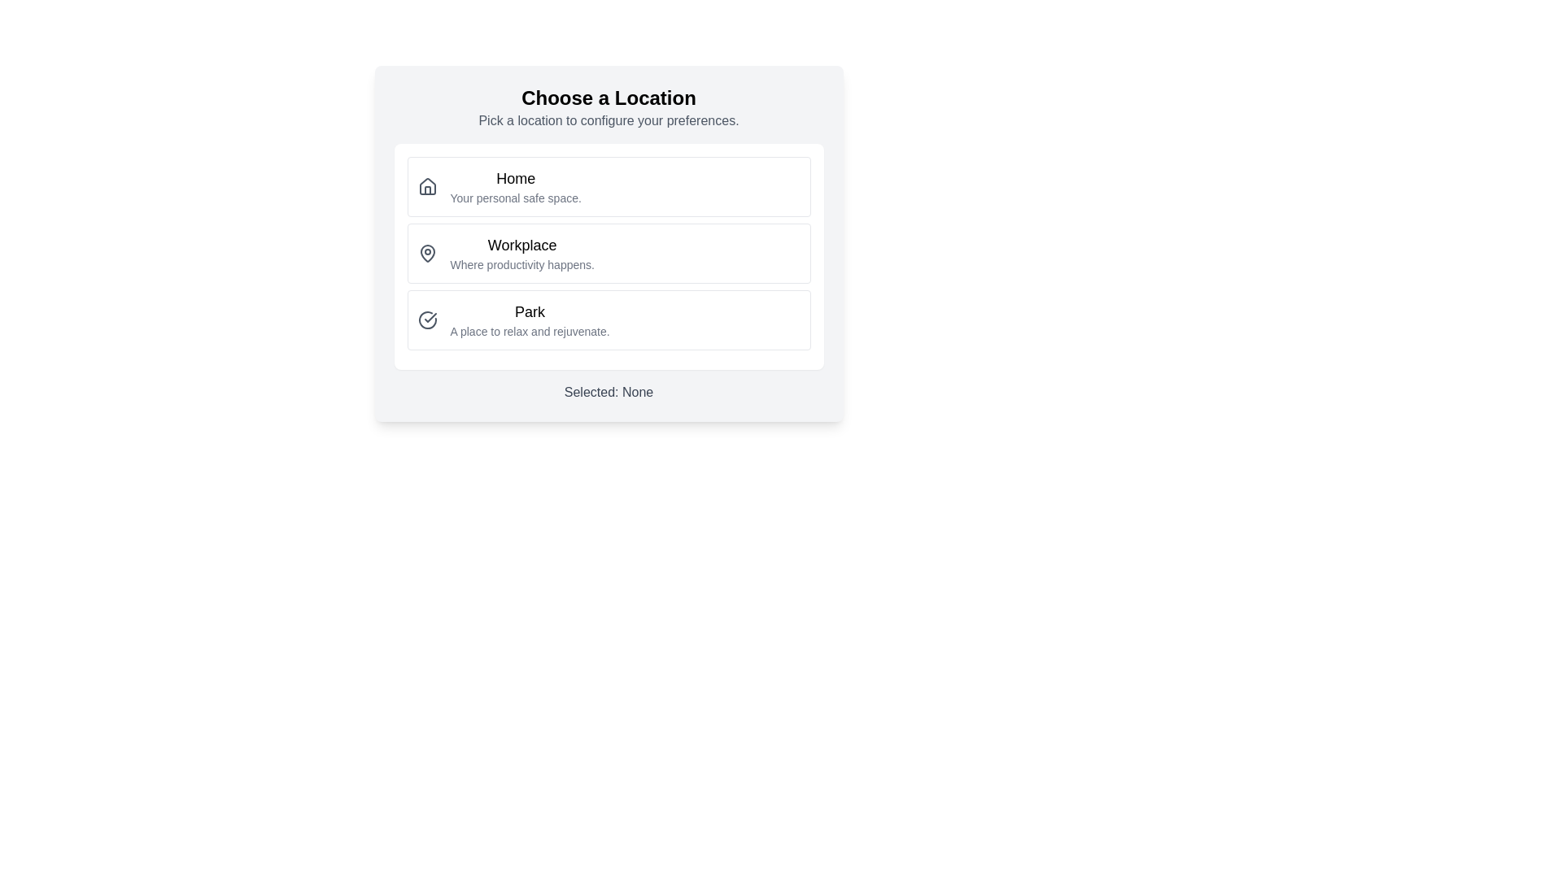 This screenshot has height=878, width=1562. Describe the element at coordinates (522, 245) in the screenshot. I see `the 'Workplace' text label element, which displays 'Workplace' in a bold font, located centrally in the list option for 'Workplace'` at that location.